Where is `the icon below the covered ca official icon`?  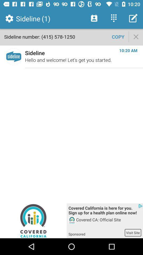
the icon below the covered ca official icon is located at coordinates (133, 232).